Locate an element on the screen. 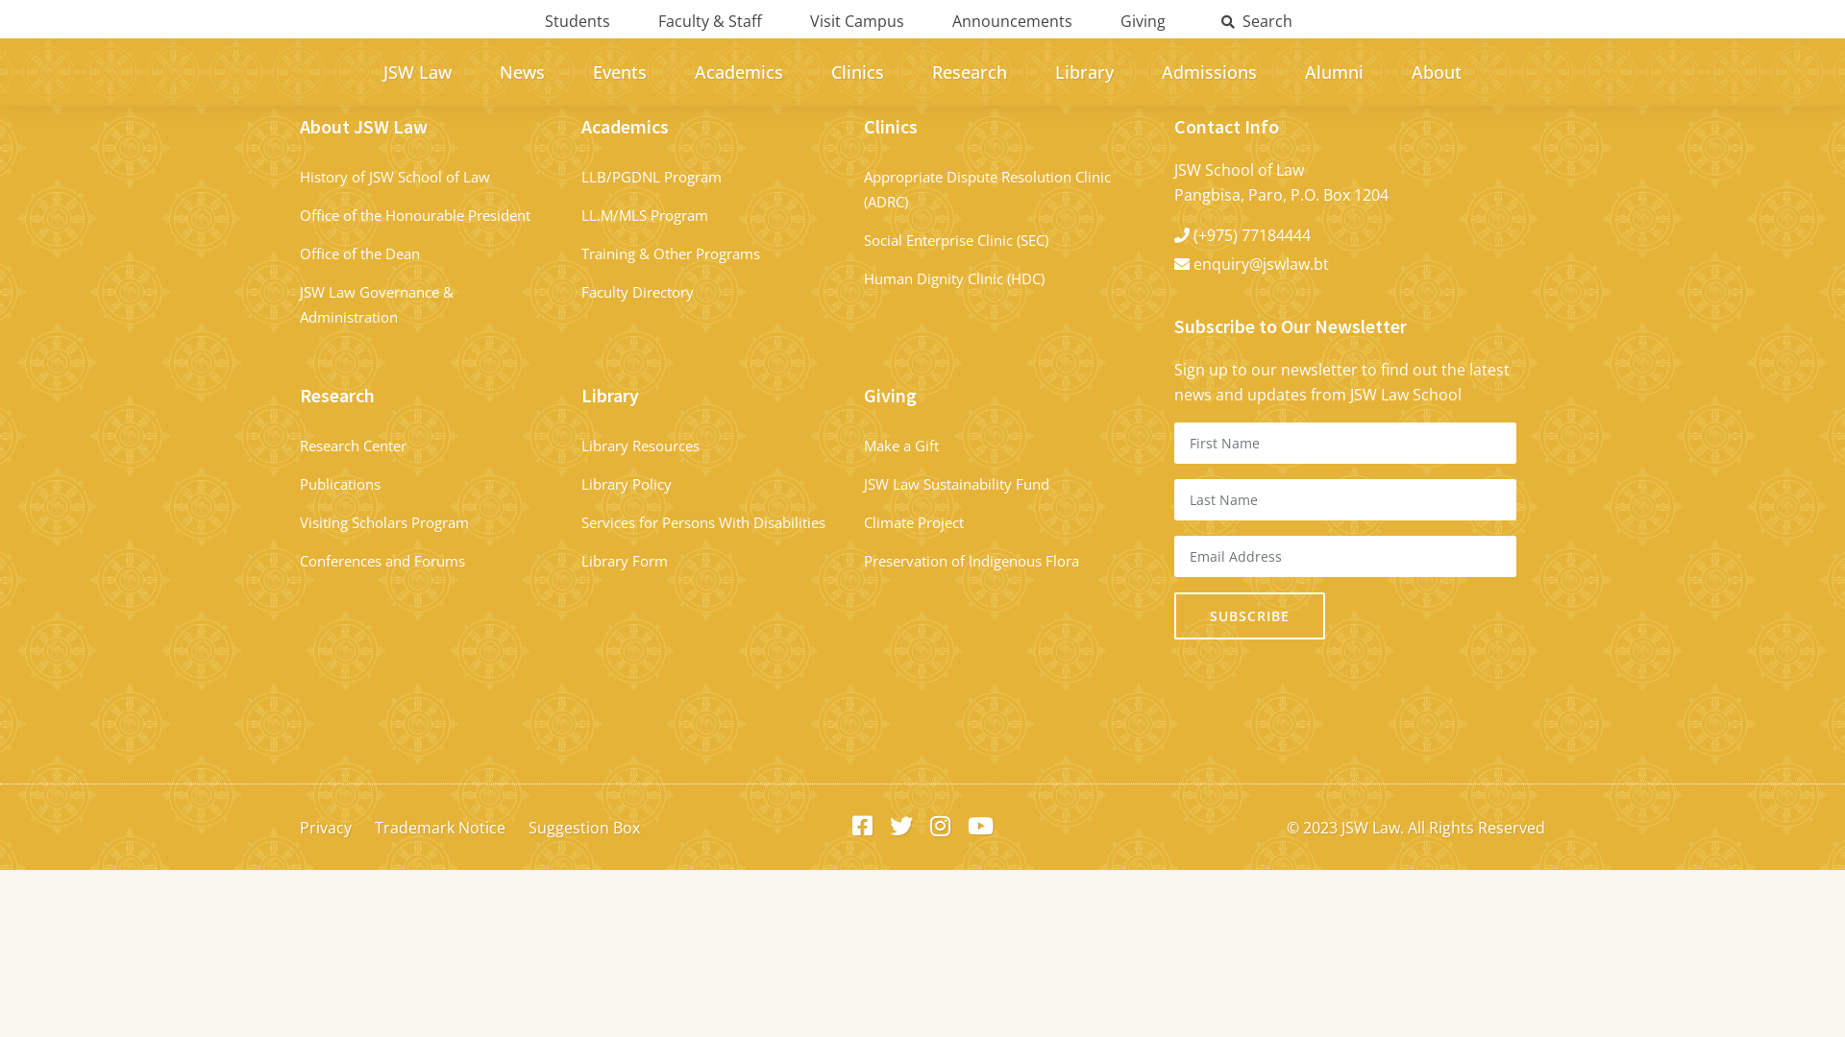 This screenshot has width=1845, height=1037. 'About' is located at coordinates (1436, 70).